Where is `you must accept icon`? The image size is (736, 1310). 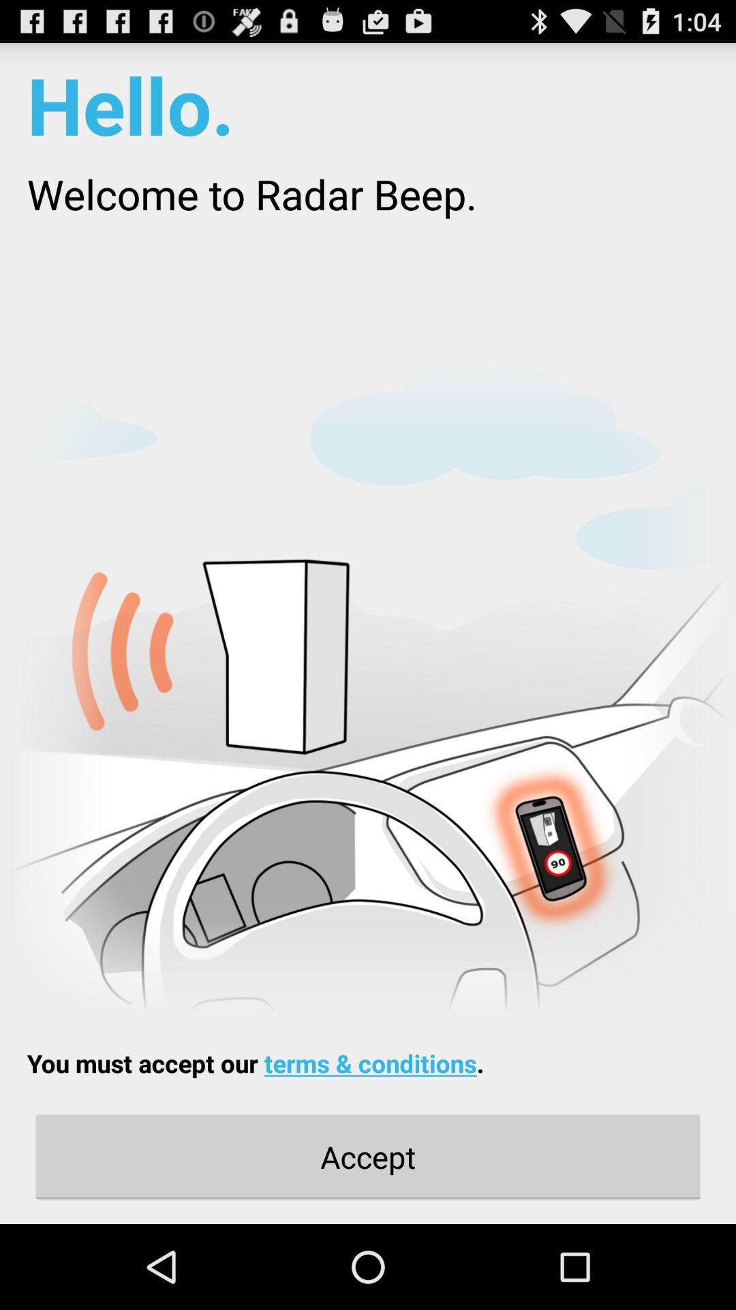
you must accept icon is located at coordinates (255, 1062).